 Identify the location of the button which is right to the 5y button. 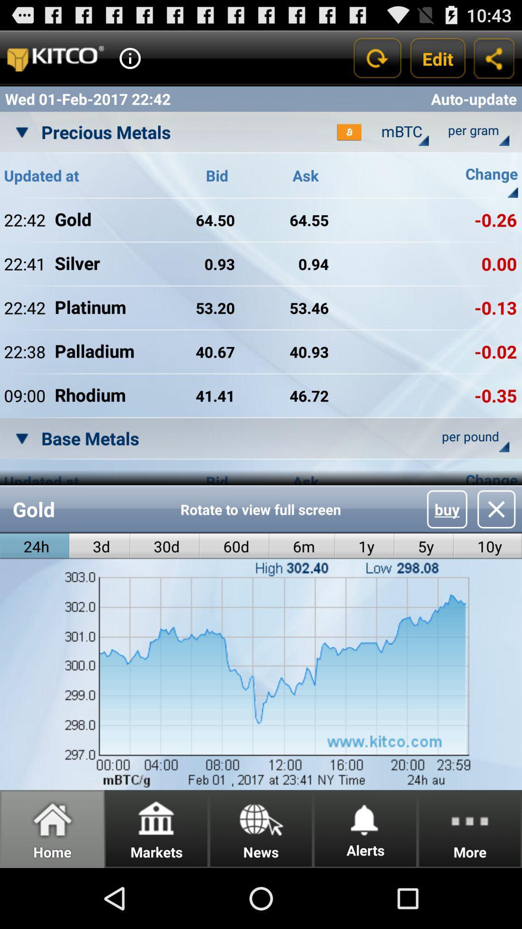
(488, 546).